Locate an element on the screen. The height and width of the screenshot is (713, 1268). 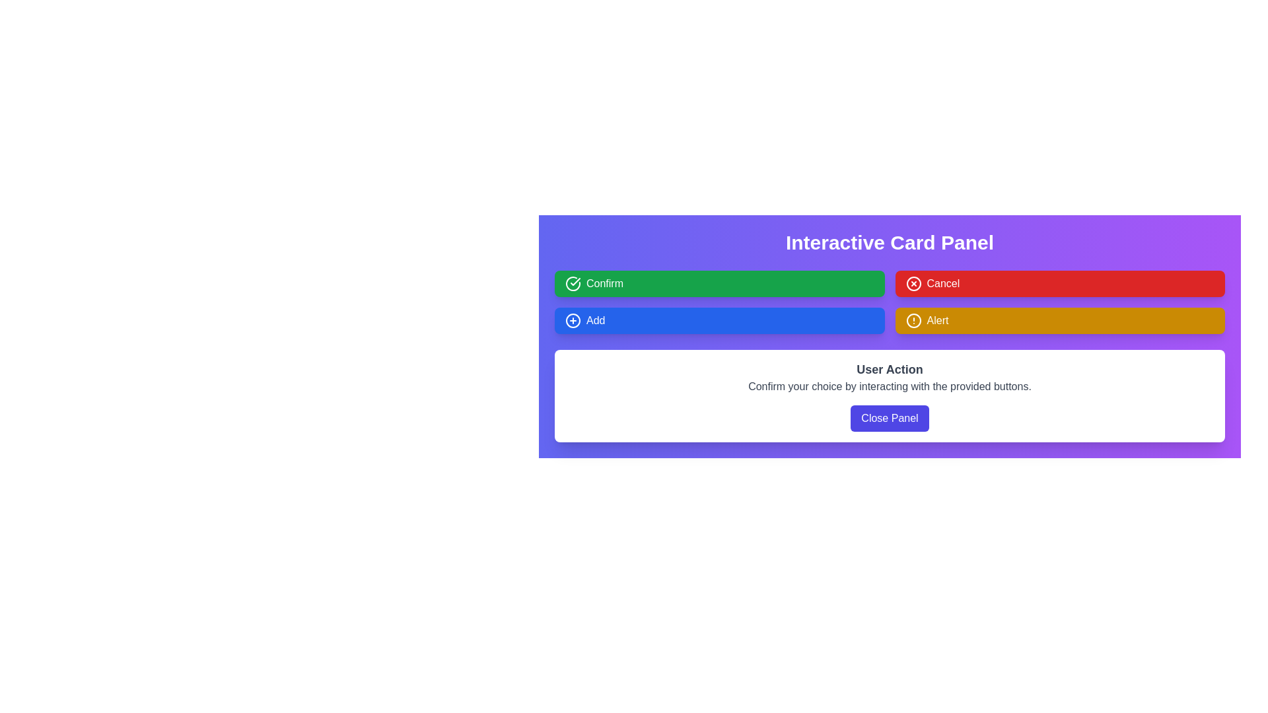
the circular checkmark icon with a green background and the label 'Confirm', located at the top-left of the interface is located at coordinates (573, 283).